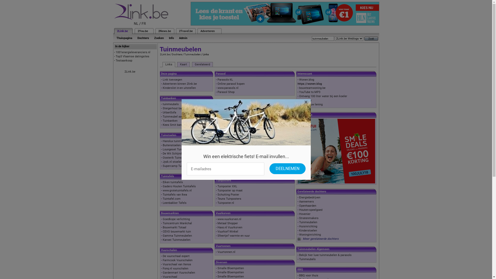  What do you see at coordinates (134, 24) in the screenshot?
I see `'NL'` at bounding box center [134, 24].